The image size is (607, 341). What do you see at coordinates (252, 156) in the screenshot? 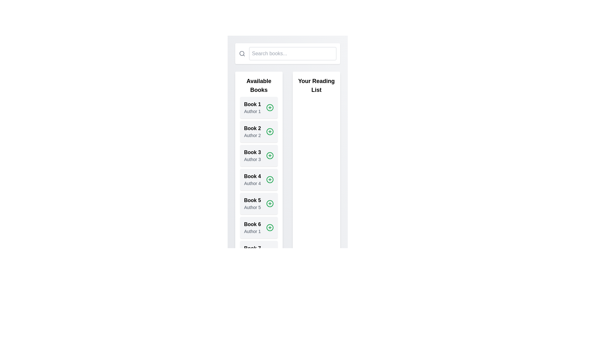
I see `the text display component that shows the title and author of the book entry in the 'Available Books' section, specifically the third entry in the list` at bounding box center [252, 156].